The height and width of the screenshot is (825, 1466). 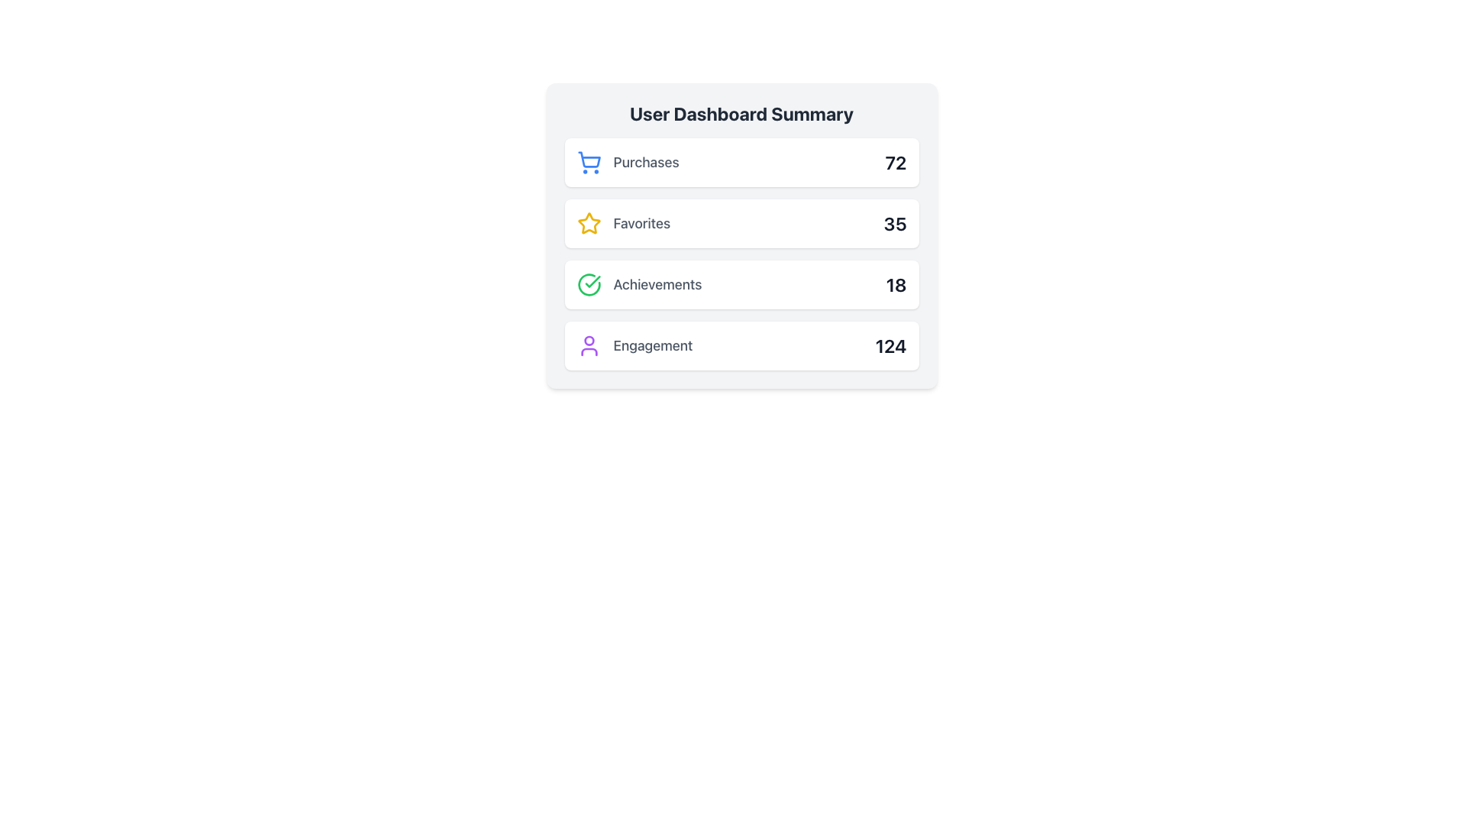 What do you see at coordinates (588, 285) in the screenshot?
I see `the green SVG circle-check icon located in the third row of the 'User Dashboard Summary' component` at bounding box center [588, 285].